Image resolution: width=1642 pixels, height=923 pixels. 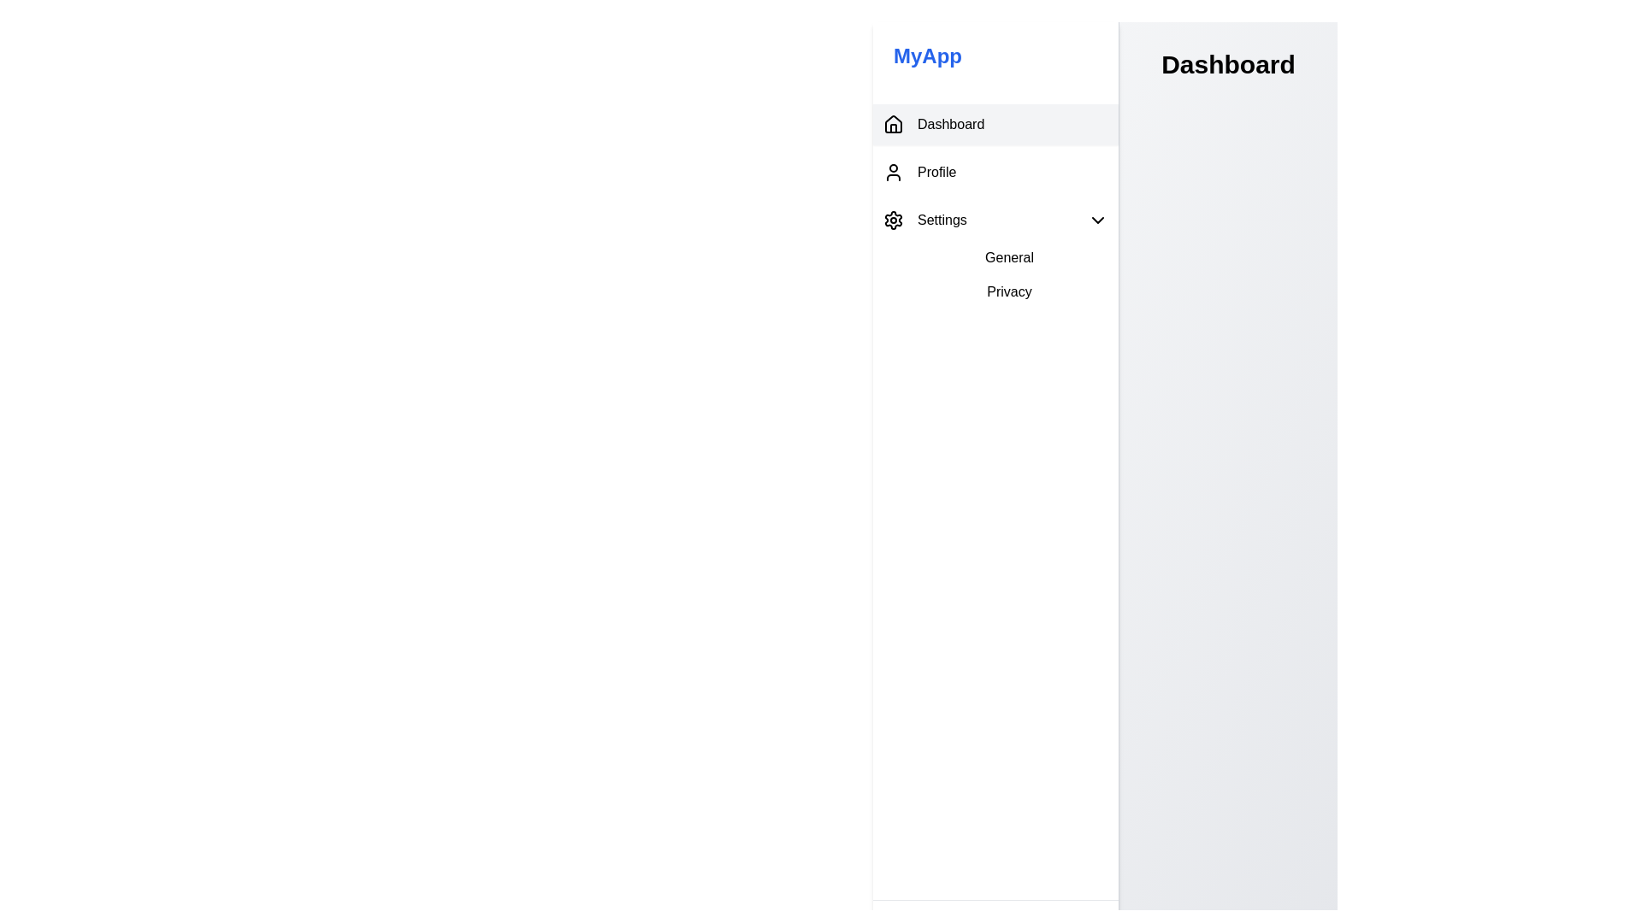 I want to click on the dropdown menu component located under the 'Settings' group, so click(x=995, y=273).